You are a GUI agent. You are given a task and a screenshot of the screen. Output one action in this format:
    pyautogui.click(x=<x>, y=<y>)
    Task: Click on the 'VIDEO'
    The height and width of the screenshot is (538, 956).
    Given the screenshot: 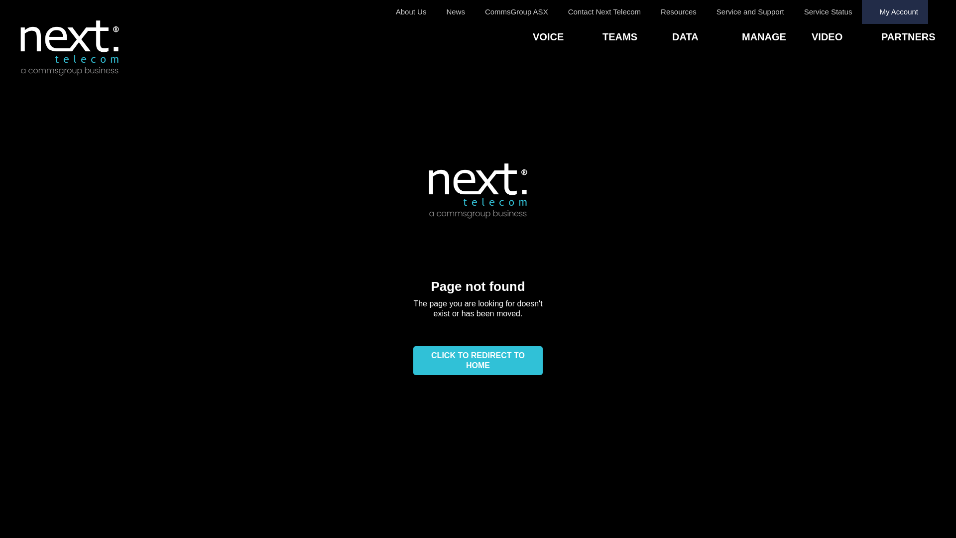 What is the action you would take?
    pyautogui.click(x=845, y=37)
    